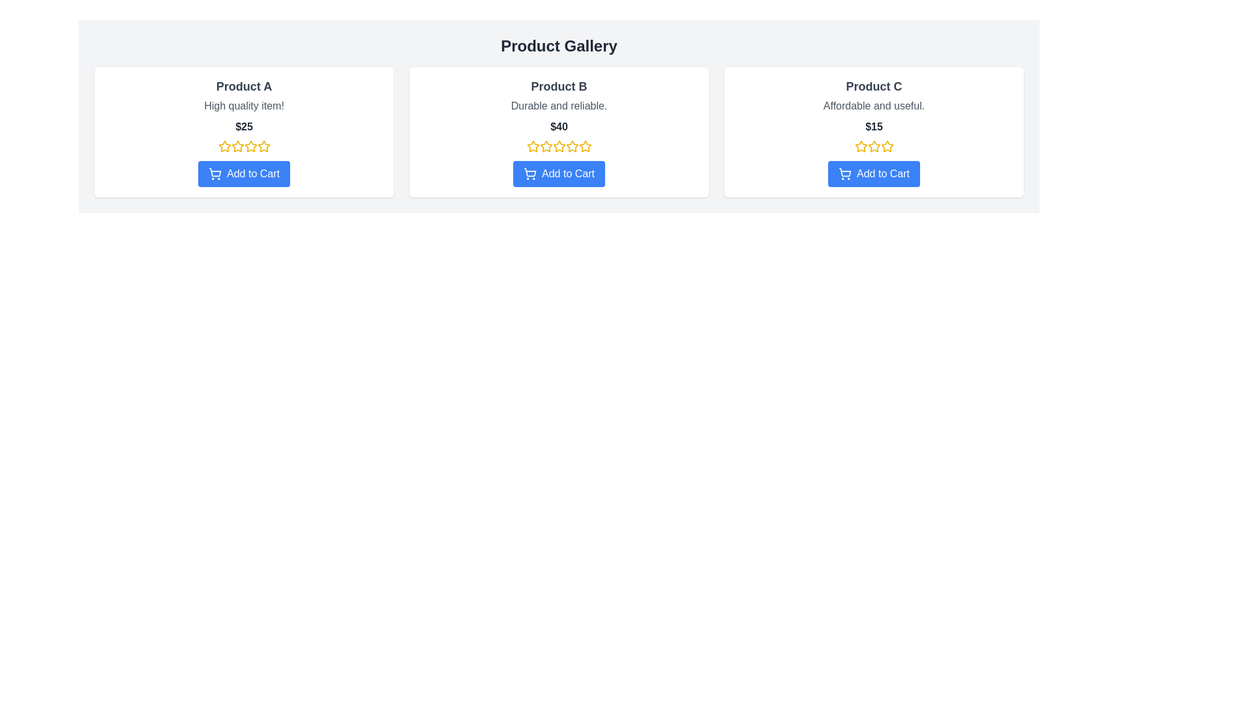  What do you see at coordinates (244, 127) in the screenshot?
I see `the price text element for 'Product A', which is located in the center column of a three-column grid, positioned below the product title and description, and above the rating stars` at bounding box center [244, 127].